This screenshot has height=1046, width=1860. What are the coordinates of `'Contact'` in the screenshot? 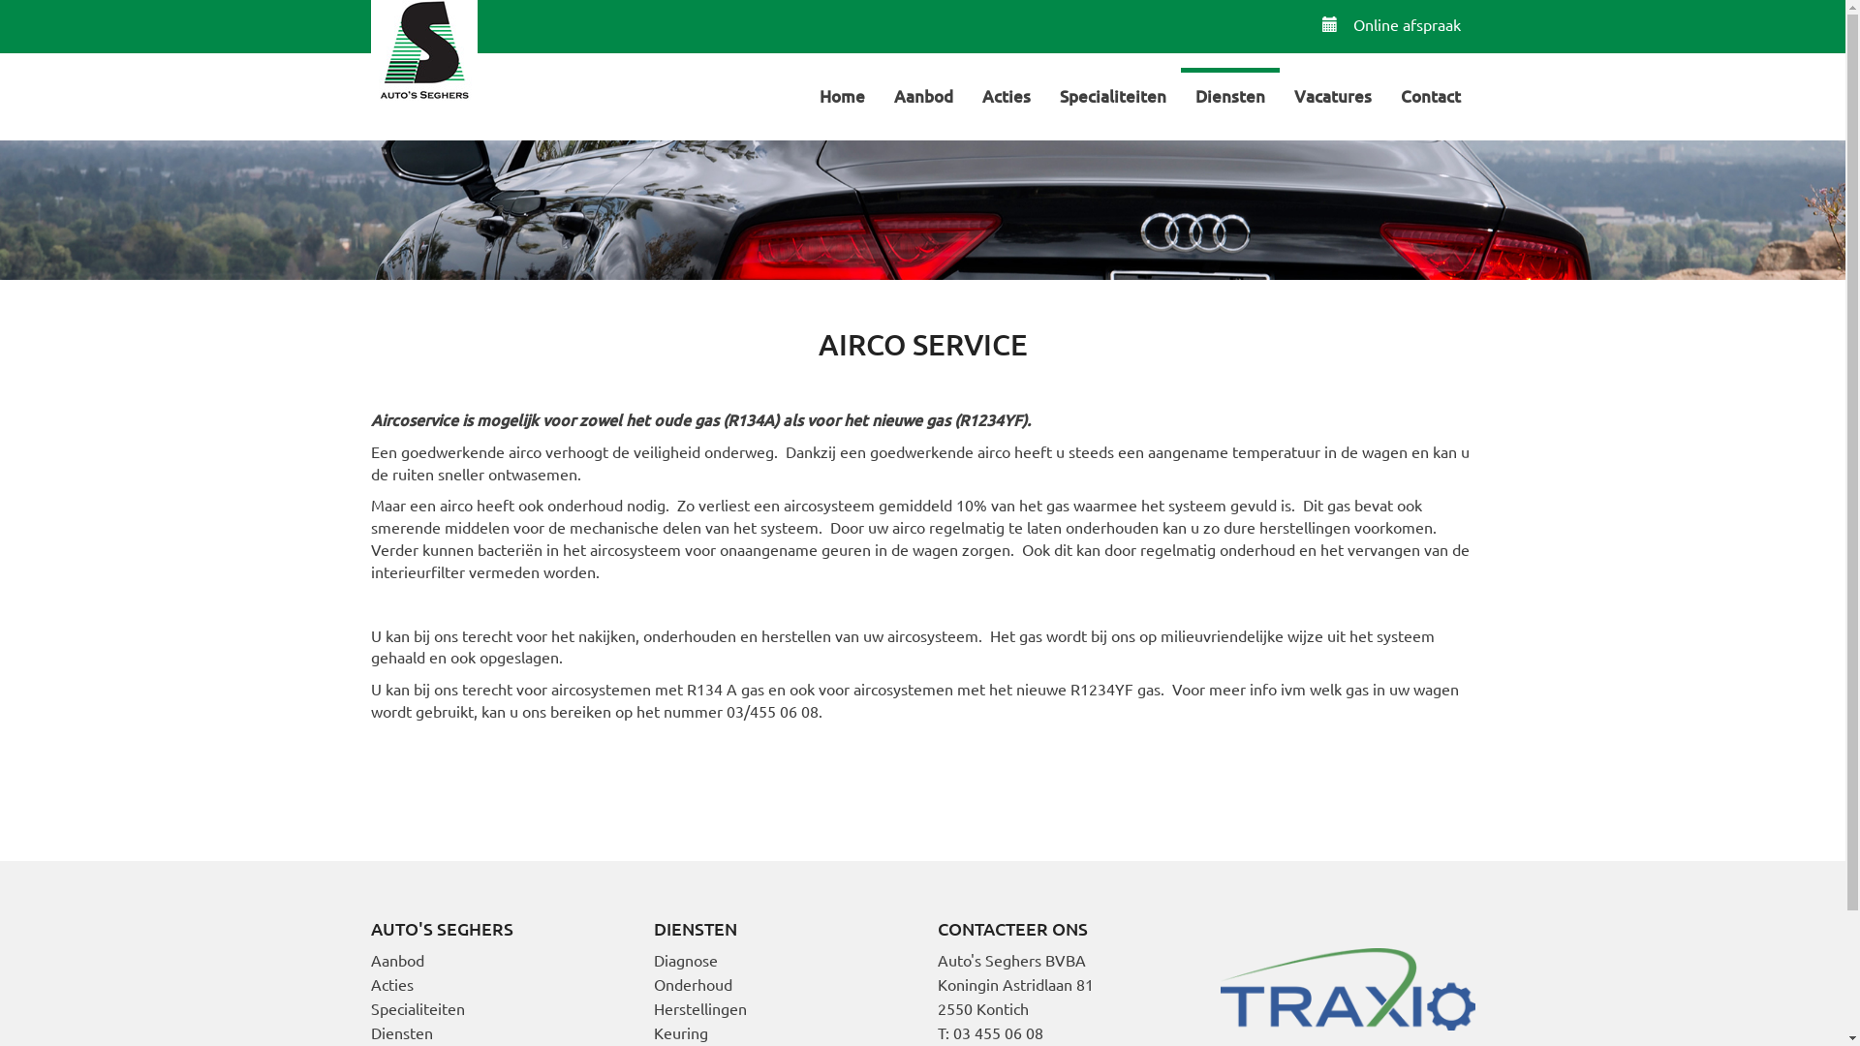 It's located at (1384, 94).